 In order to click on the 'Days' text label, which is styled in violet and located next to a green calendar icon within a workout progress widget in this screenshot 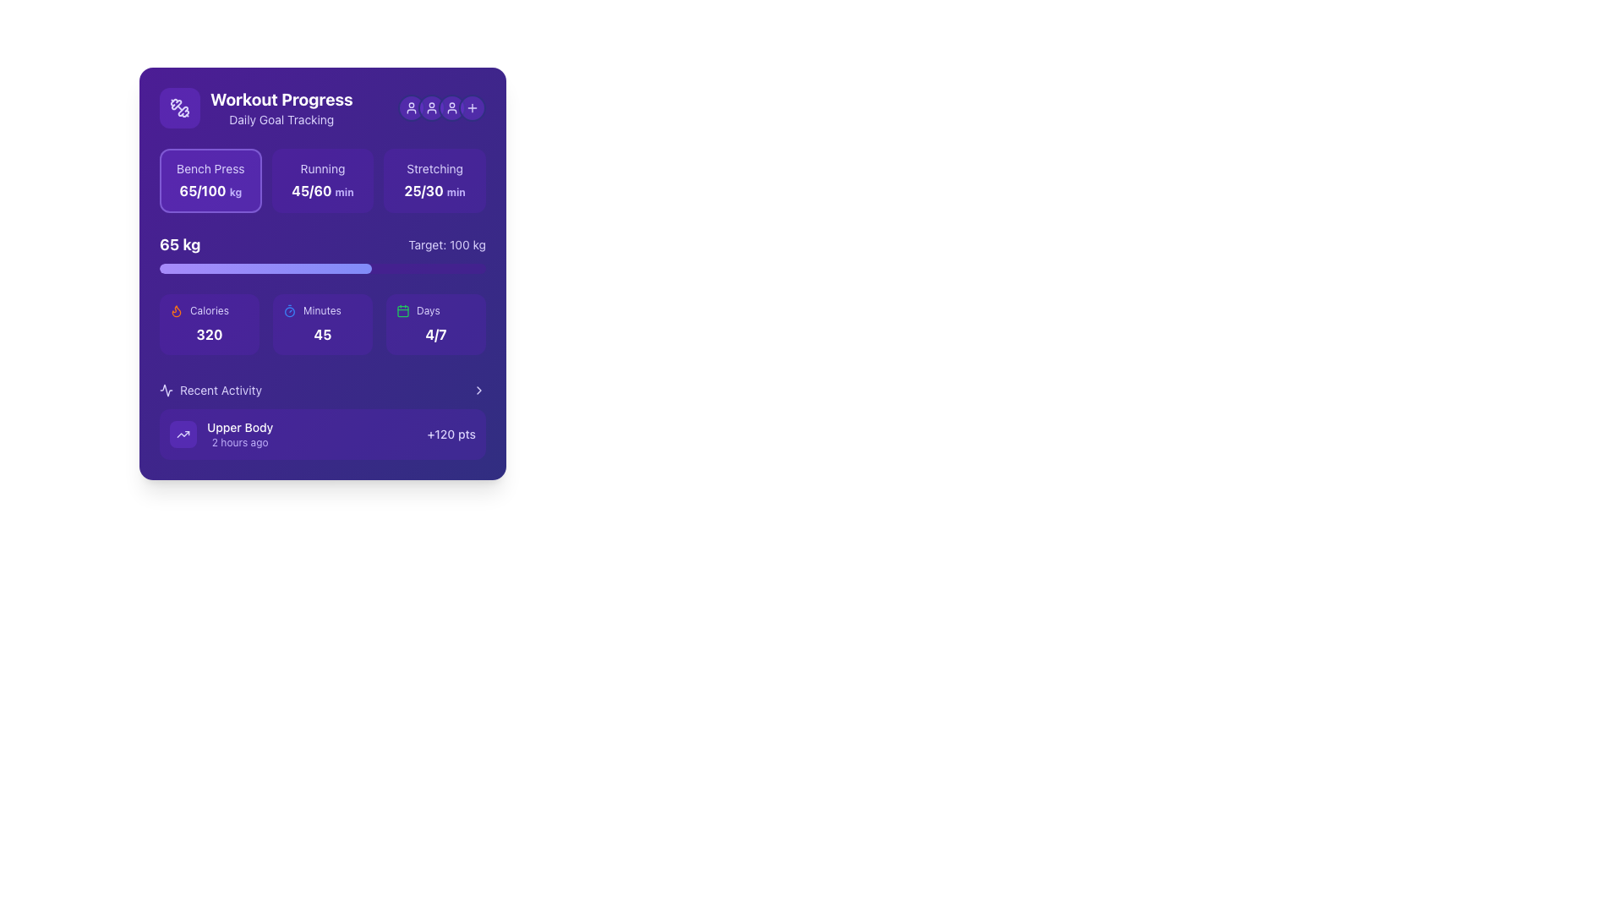, I will do `click(428, 310)`.